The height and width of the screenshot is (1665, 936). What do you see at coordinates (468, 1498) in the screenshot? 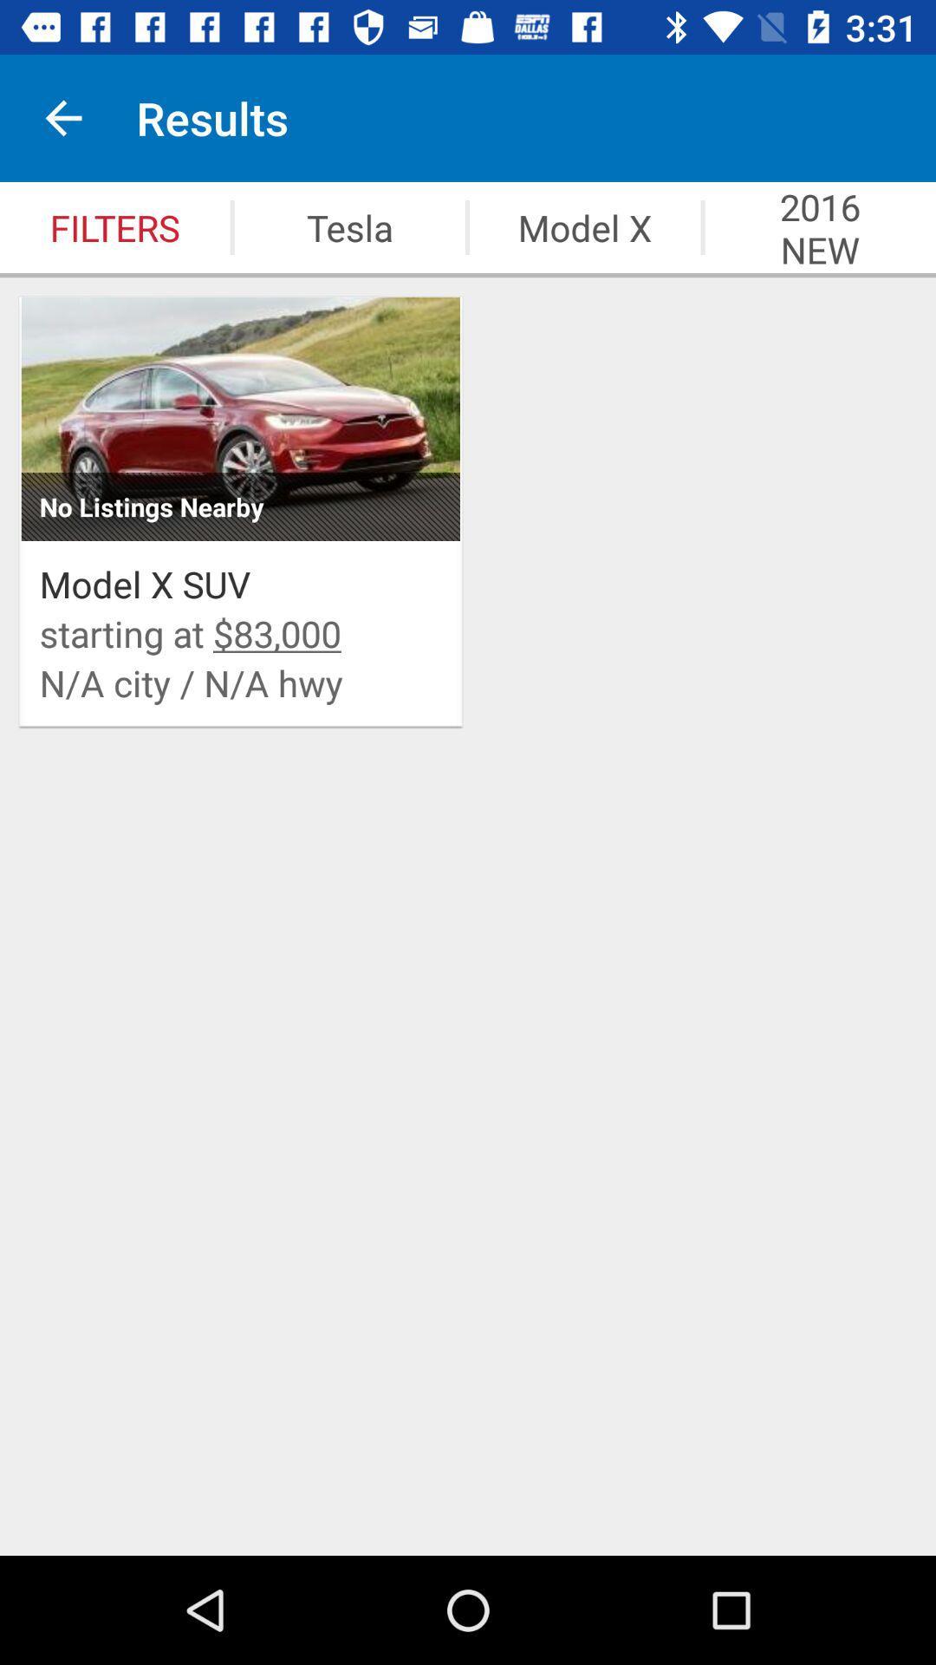
I see `item below the n a city icon` at bounding box center [468, 1498].